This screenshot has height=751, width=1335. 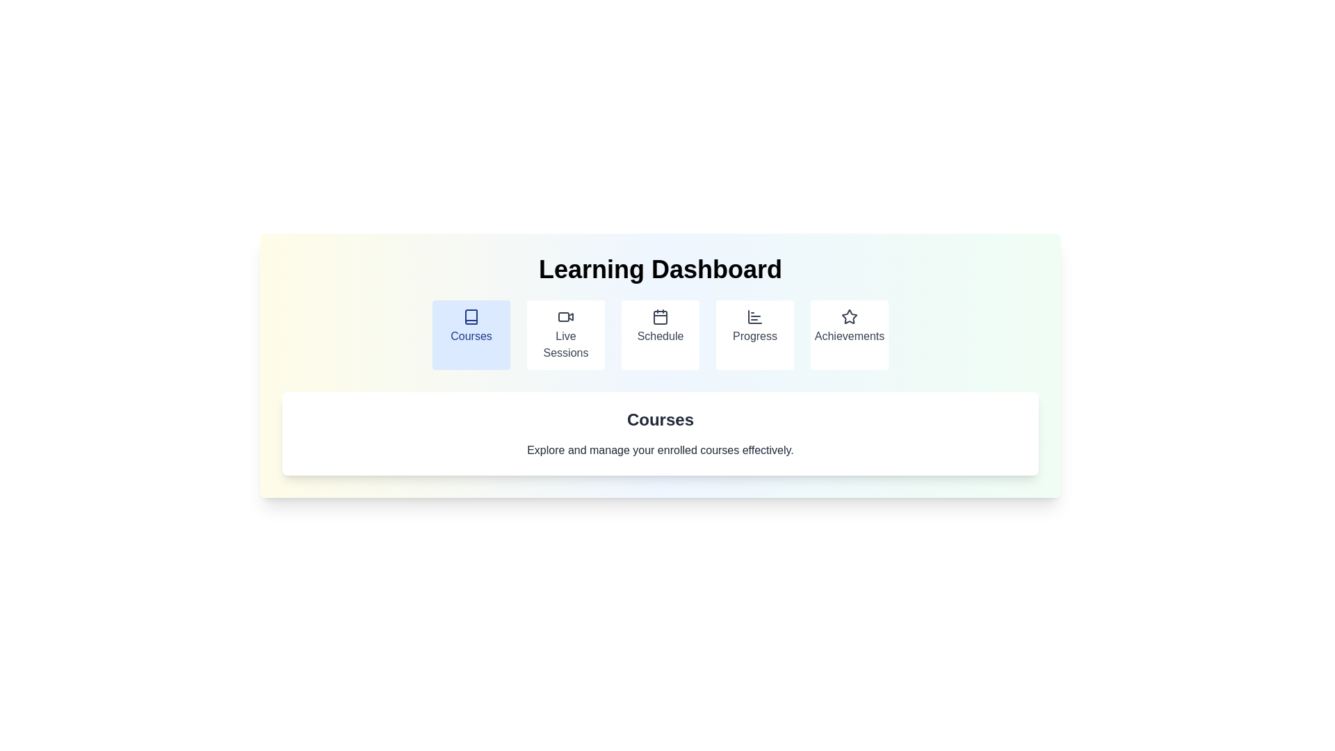 What do you see at coordinates (566, 344) in the screenshot?
I see `the Text label for the Live Sessions navigation button, which is positioned below a video icon and is the second element in a horizontally aligned menu` at bounding box center [566, 344].